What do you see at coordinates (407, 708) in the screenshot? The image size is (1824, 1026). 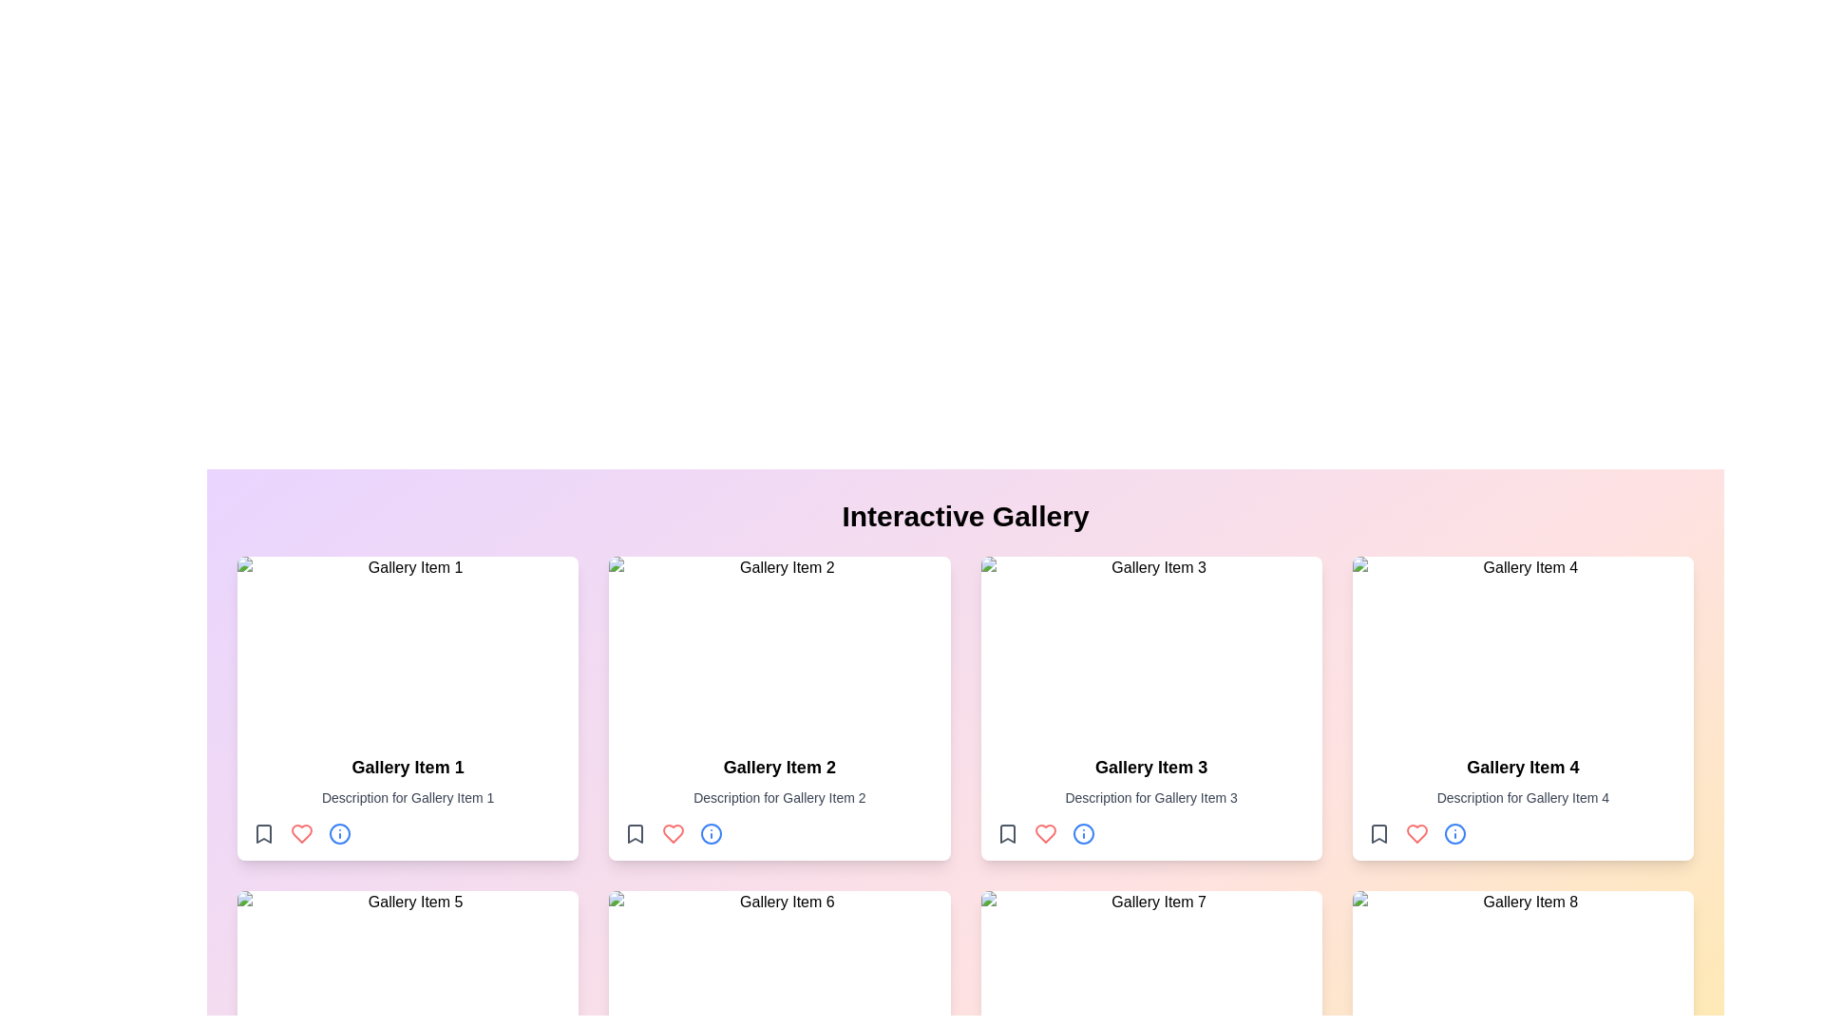 I see `the image in the card titled 'Gallery Item 1' located in the top-left corner of the gallery interface` at bounding box center [407, 708].